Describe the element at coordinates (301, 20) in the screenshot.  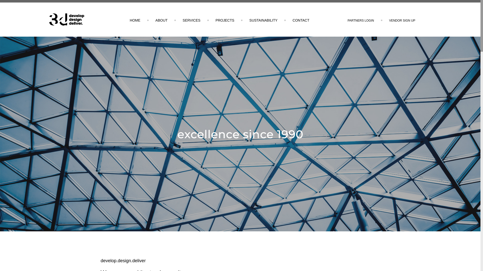
I see `'CONTACT'` at that location.